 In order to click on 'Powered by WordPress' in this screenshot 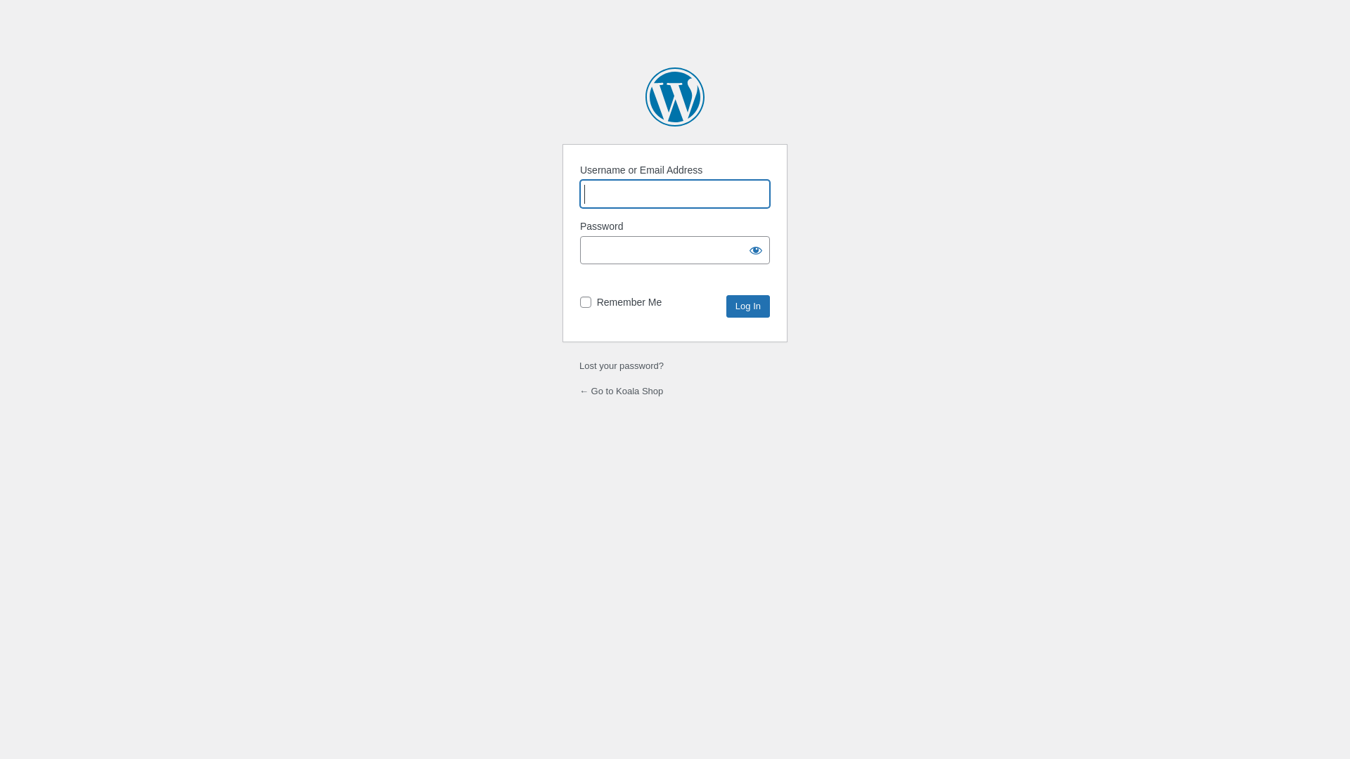, I will do `click(675, 96)`.